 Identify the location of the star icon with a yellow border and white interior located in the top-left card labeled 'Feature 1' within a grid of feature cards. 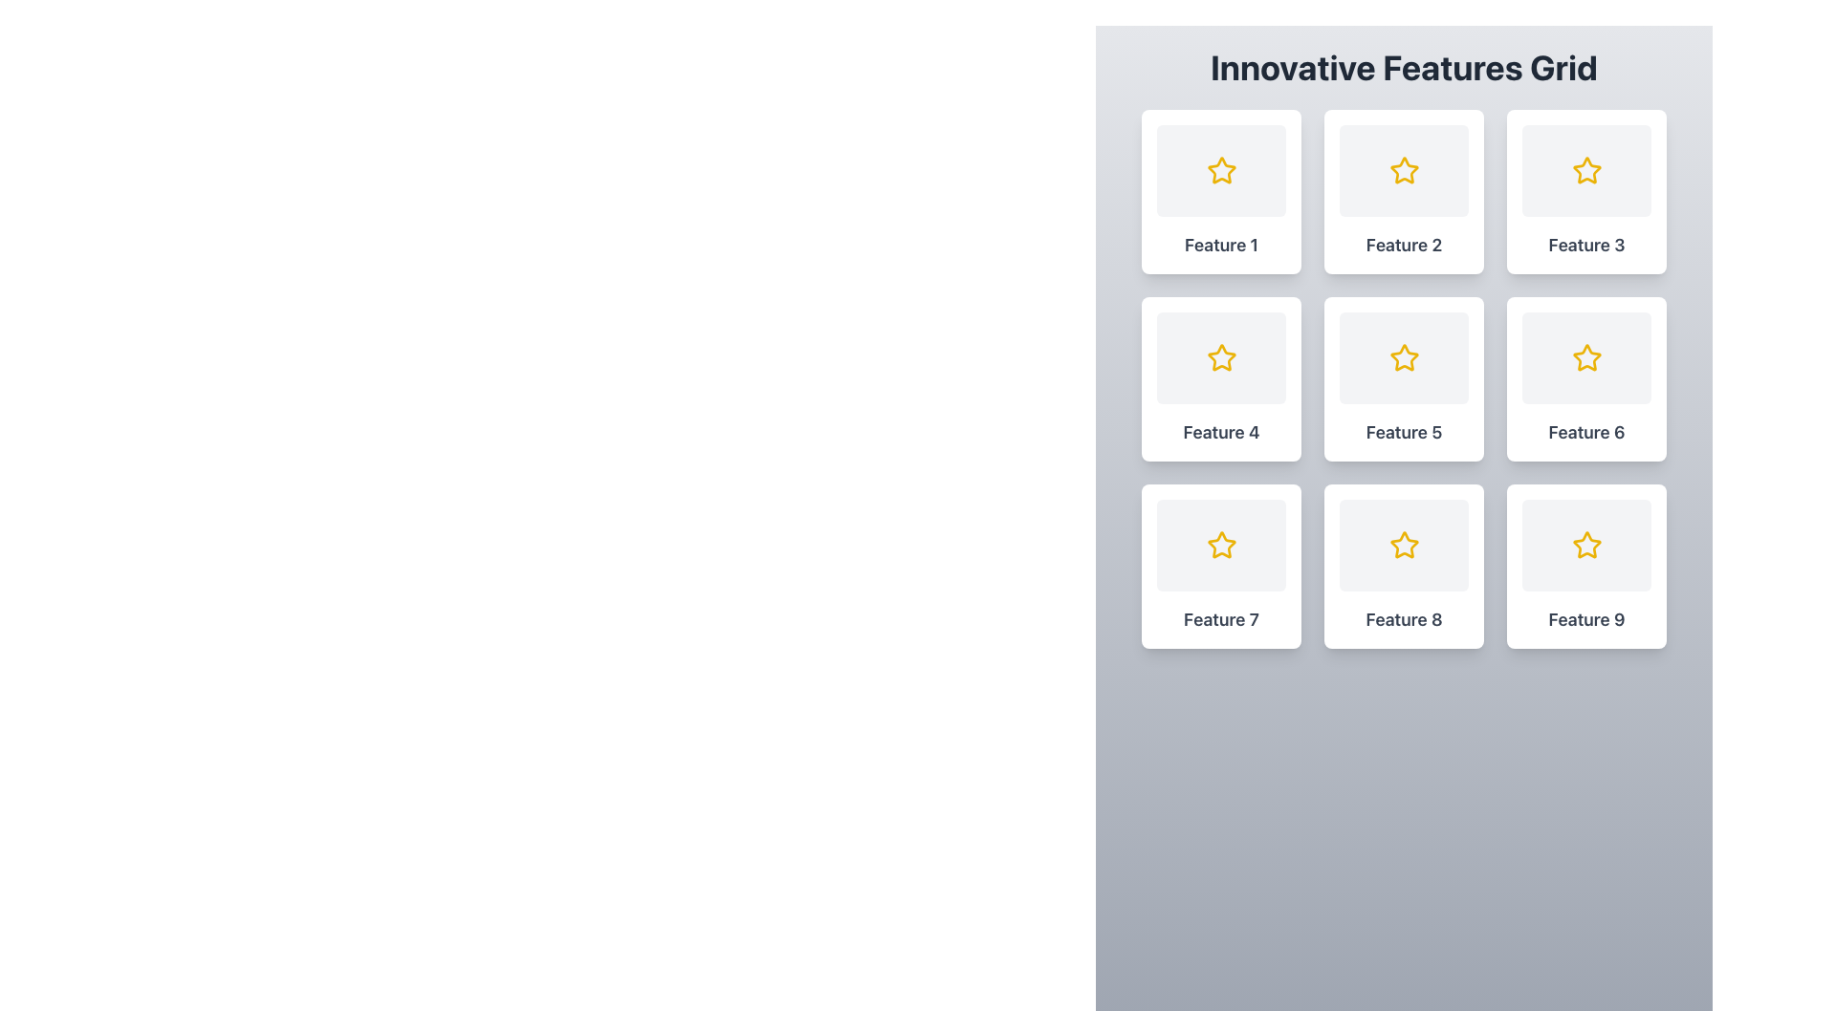
(1220, 169).